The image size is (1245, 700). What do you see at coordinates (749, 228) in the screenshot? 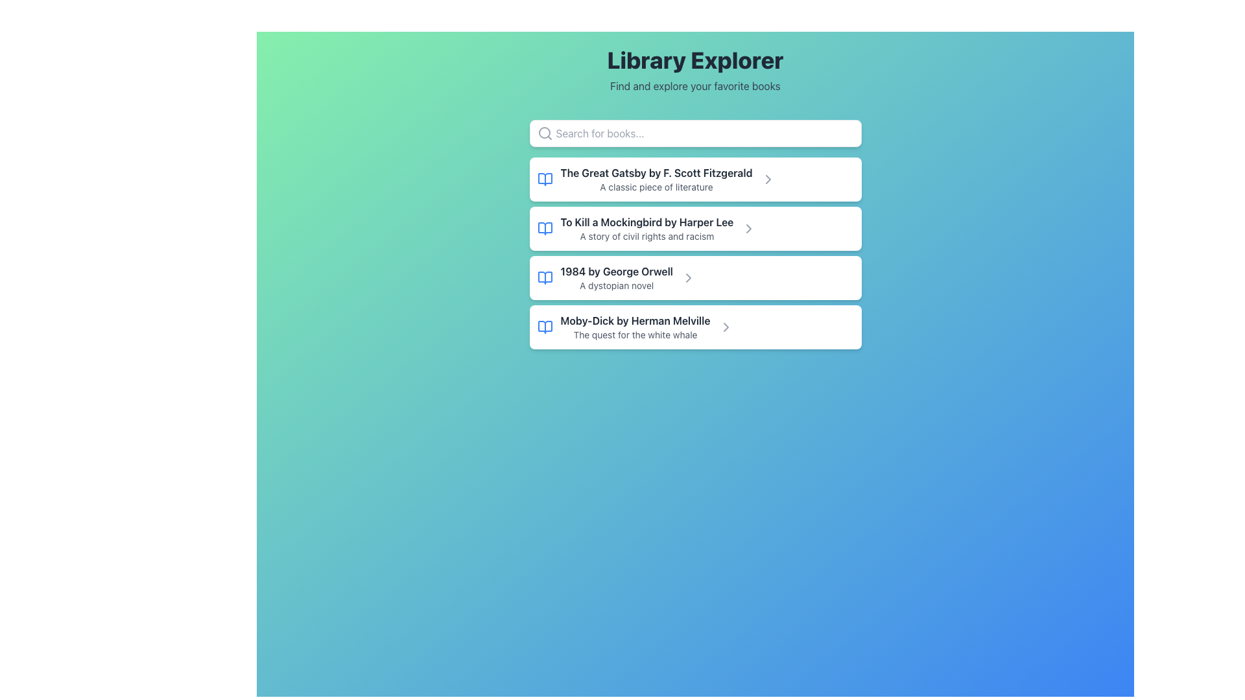
I see `the Chevron icon located at the far right of the list item for 'To Kill a Mockingbird by Harper Lee', which serves as a navigation or expansion cue` at bounding box center [749, 228].